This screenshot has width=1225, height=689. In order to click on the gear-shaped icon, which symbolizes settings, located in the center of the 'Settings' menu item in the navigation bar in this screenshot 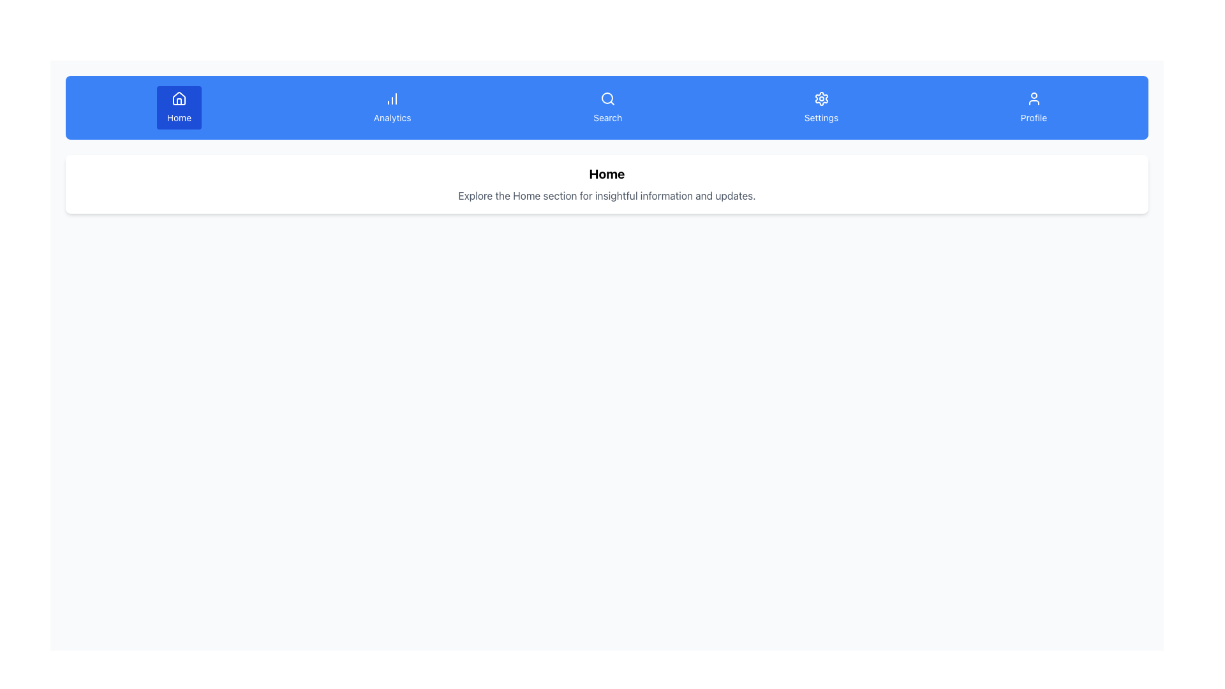, I will do `click(821, 98)`.